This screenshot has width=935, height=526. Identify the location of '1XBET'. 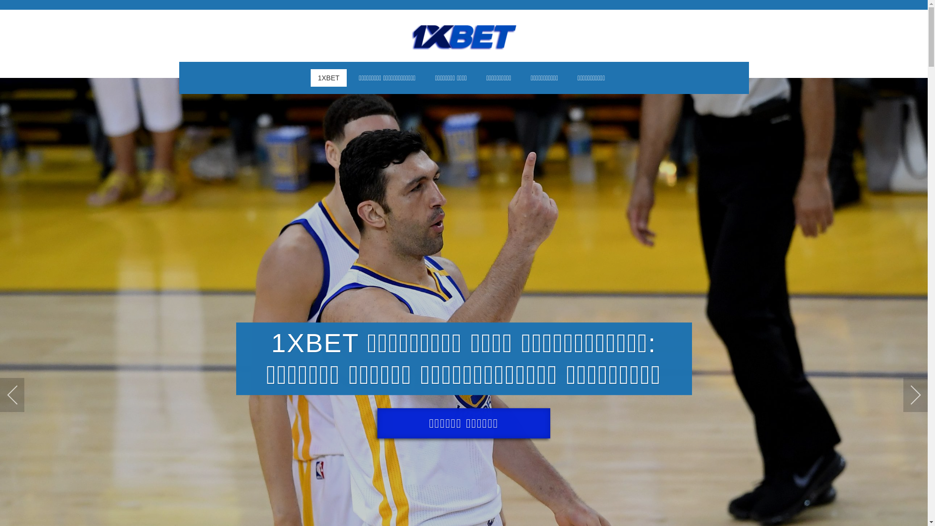
(329, 77).